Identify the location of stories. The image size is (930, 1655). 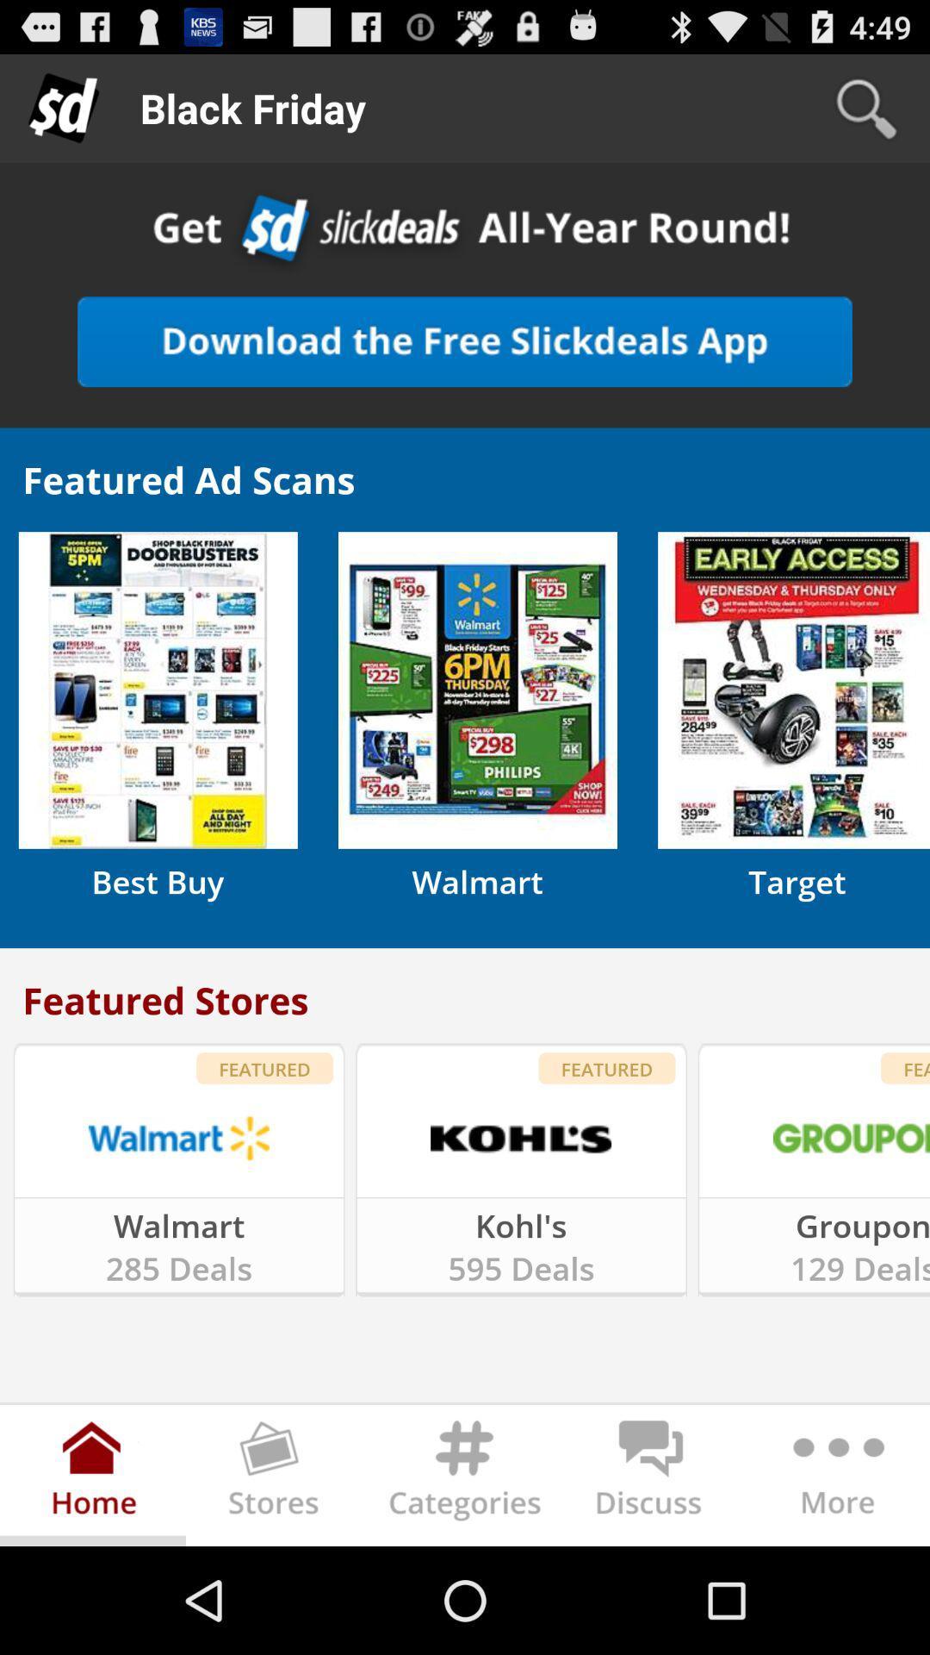
(278, 1478).